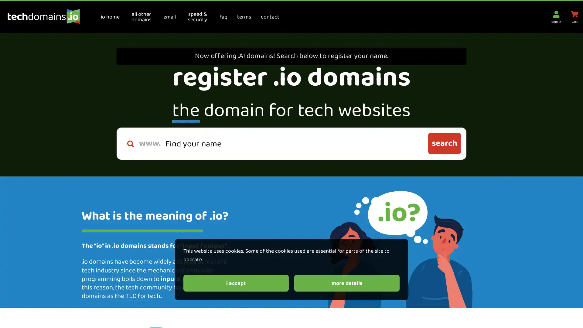 The width and height of the screenshot is (583, 328). I want to click on Search button, so click(444, 143).